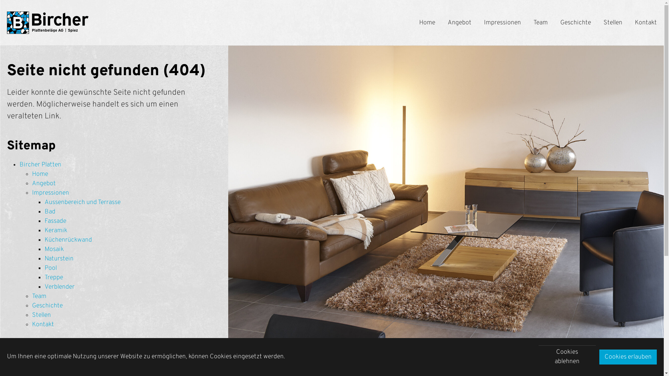 The width and height of the screenshot is (669, 376). I want to click on 'Treppe', so click(53, 277).